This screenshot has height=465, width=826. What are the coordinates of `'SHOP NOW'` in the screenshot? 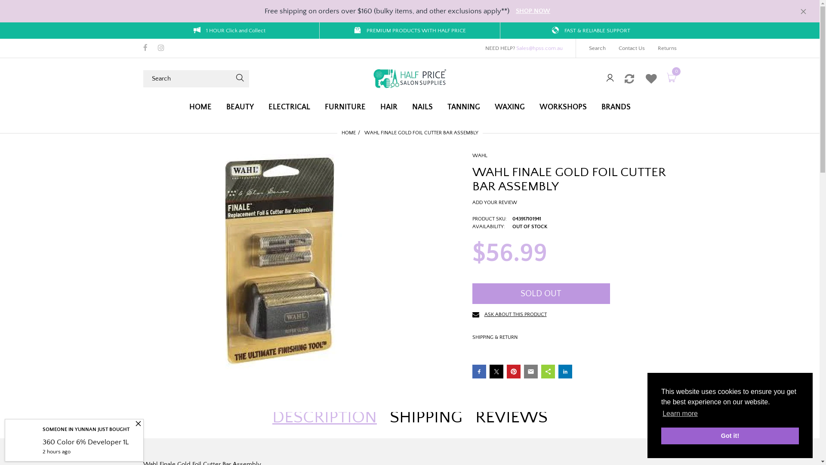 It's located at (511, 11).